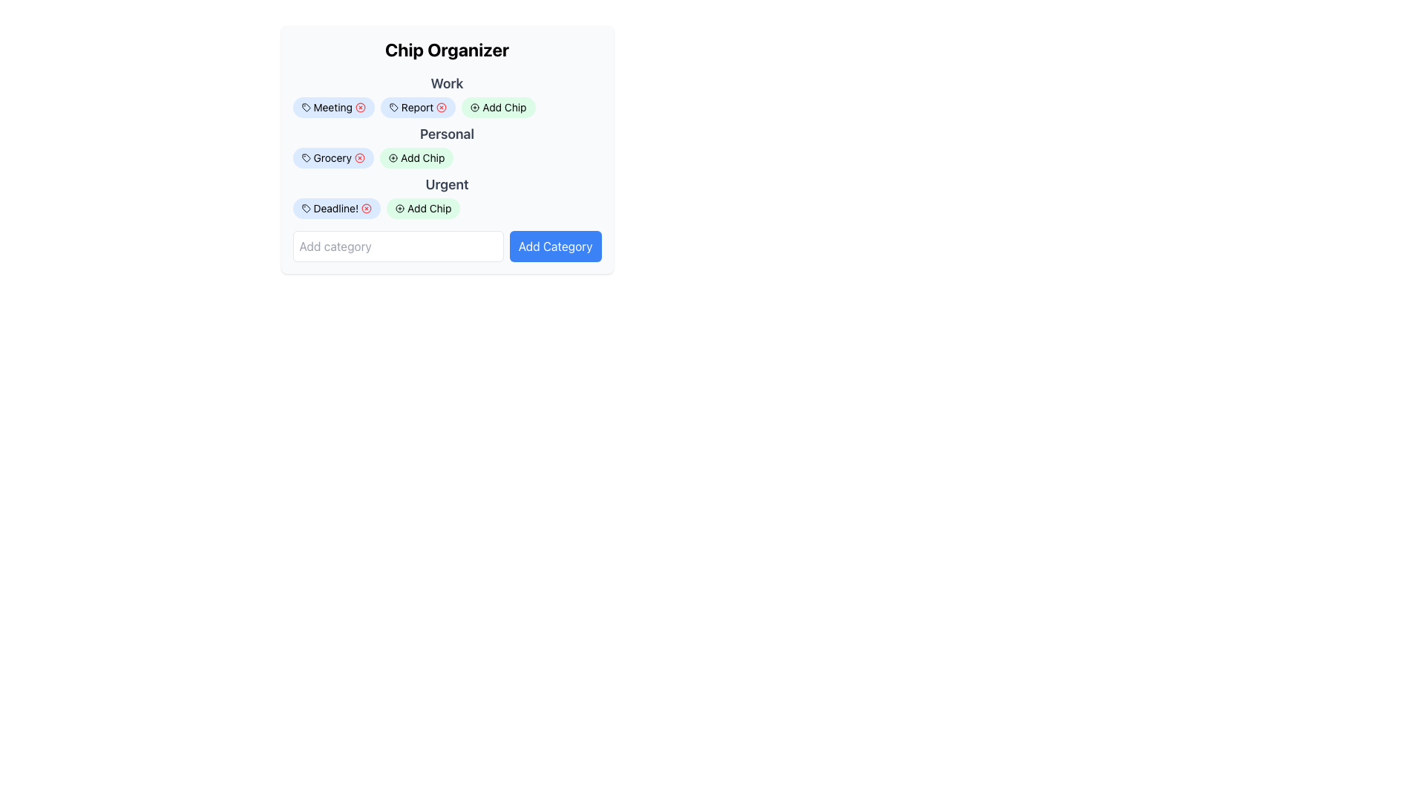 Image resolution: width=1425 pixels, height=802 pixels. What do you see at coordinates (446, 184) in the screenshot?
I see `the primary header text label that indicates urgency, positioned centrally above subsections like 'Deadline!' and 'Add Chip'` at bounding box center [446, 184].